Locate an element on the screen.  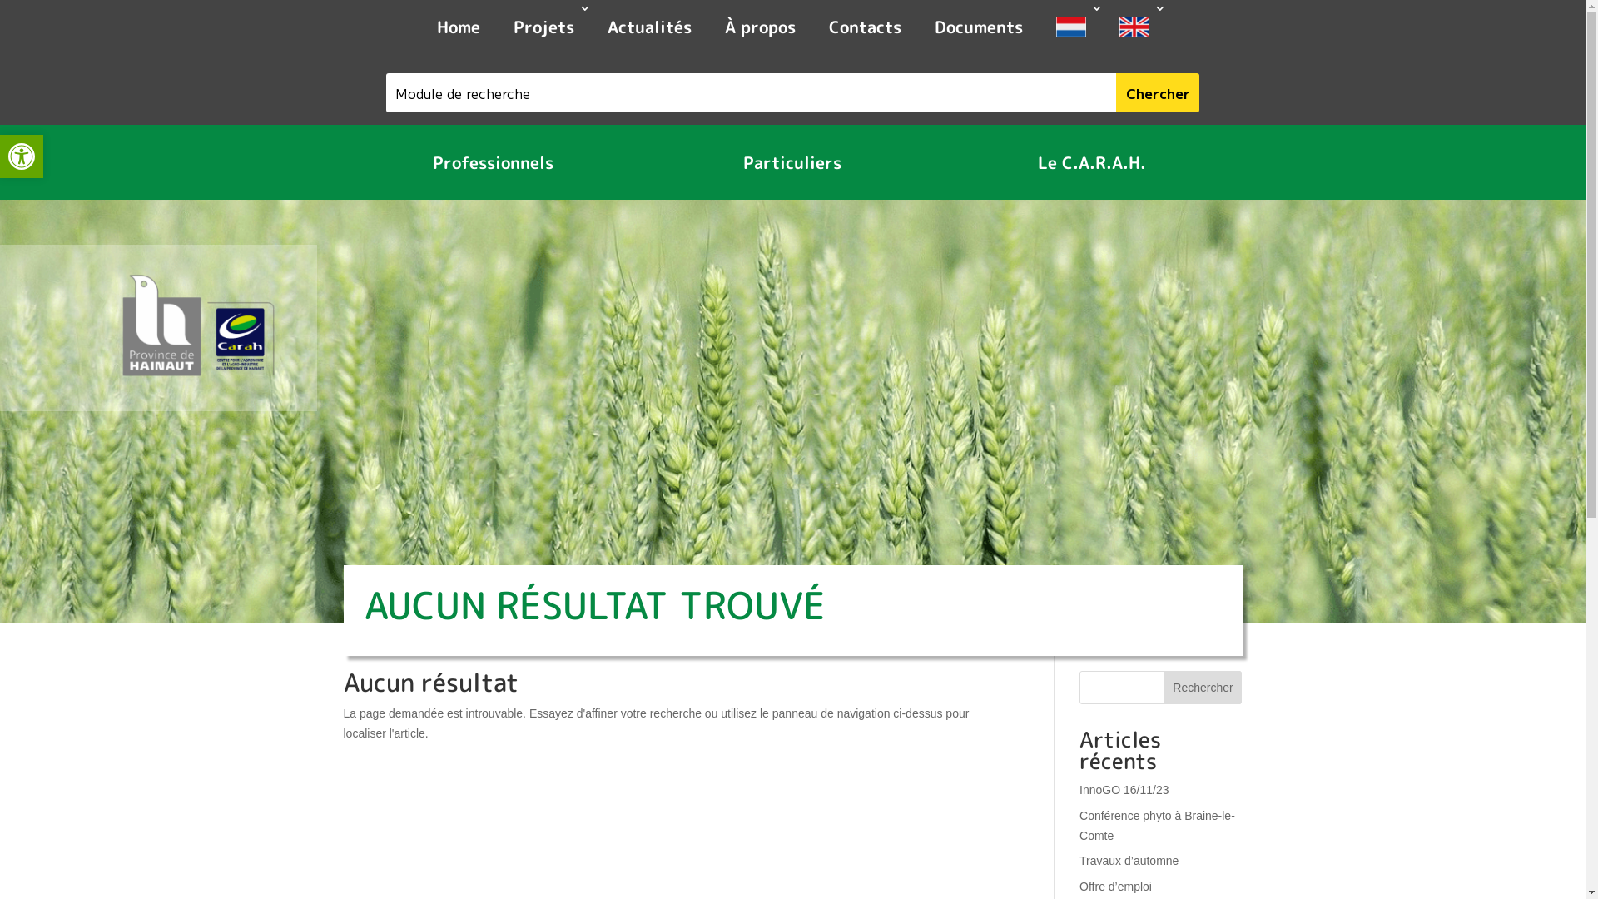
'Home' is located at coordinates (458, 28).